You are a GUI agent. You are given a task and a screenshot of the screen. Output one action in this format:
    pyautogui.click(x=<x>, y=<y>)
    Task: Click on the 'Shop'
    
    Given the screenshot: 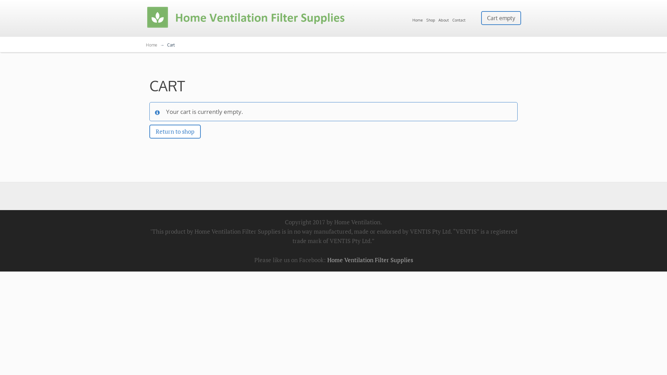 What is the action you would take?
    pyautogui.click(x=432, y=18)
    